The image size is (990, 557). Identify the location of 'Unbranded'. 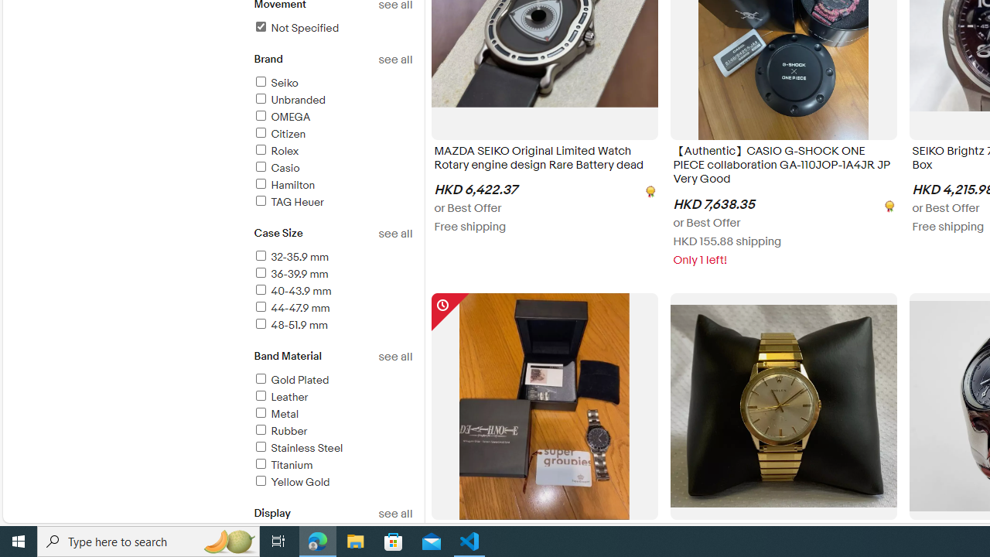
(332, 101).